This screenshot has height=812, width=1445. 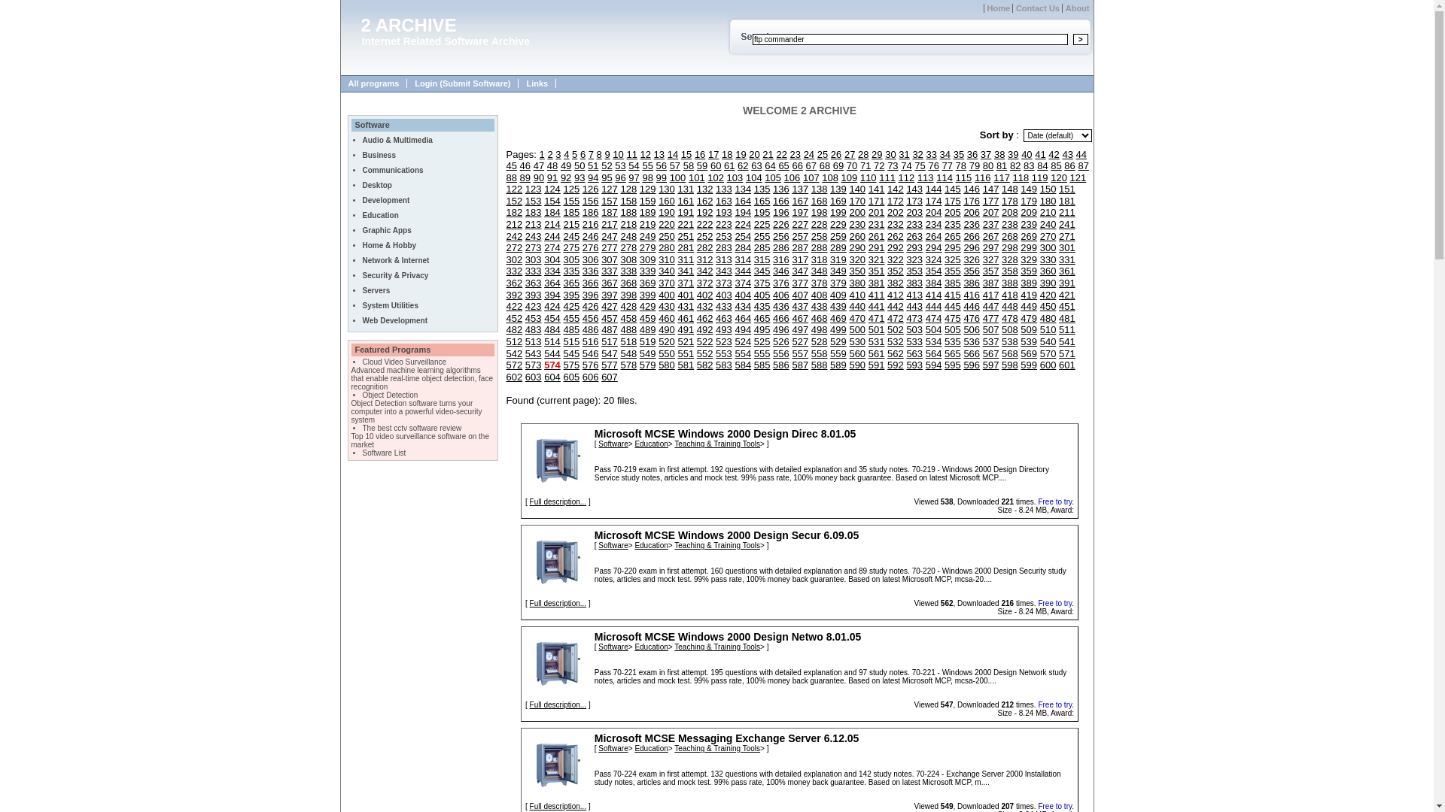 I want to click on '484', so click(x=552, y=329).